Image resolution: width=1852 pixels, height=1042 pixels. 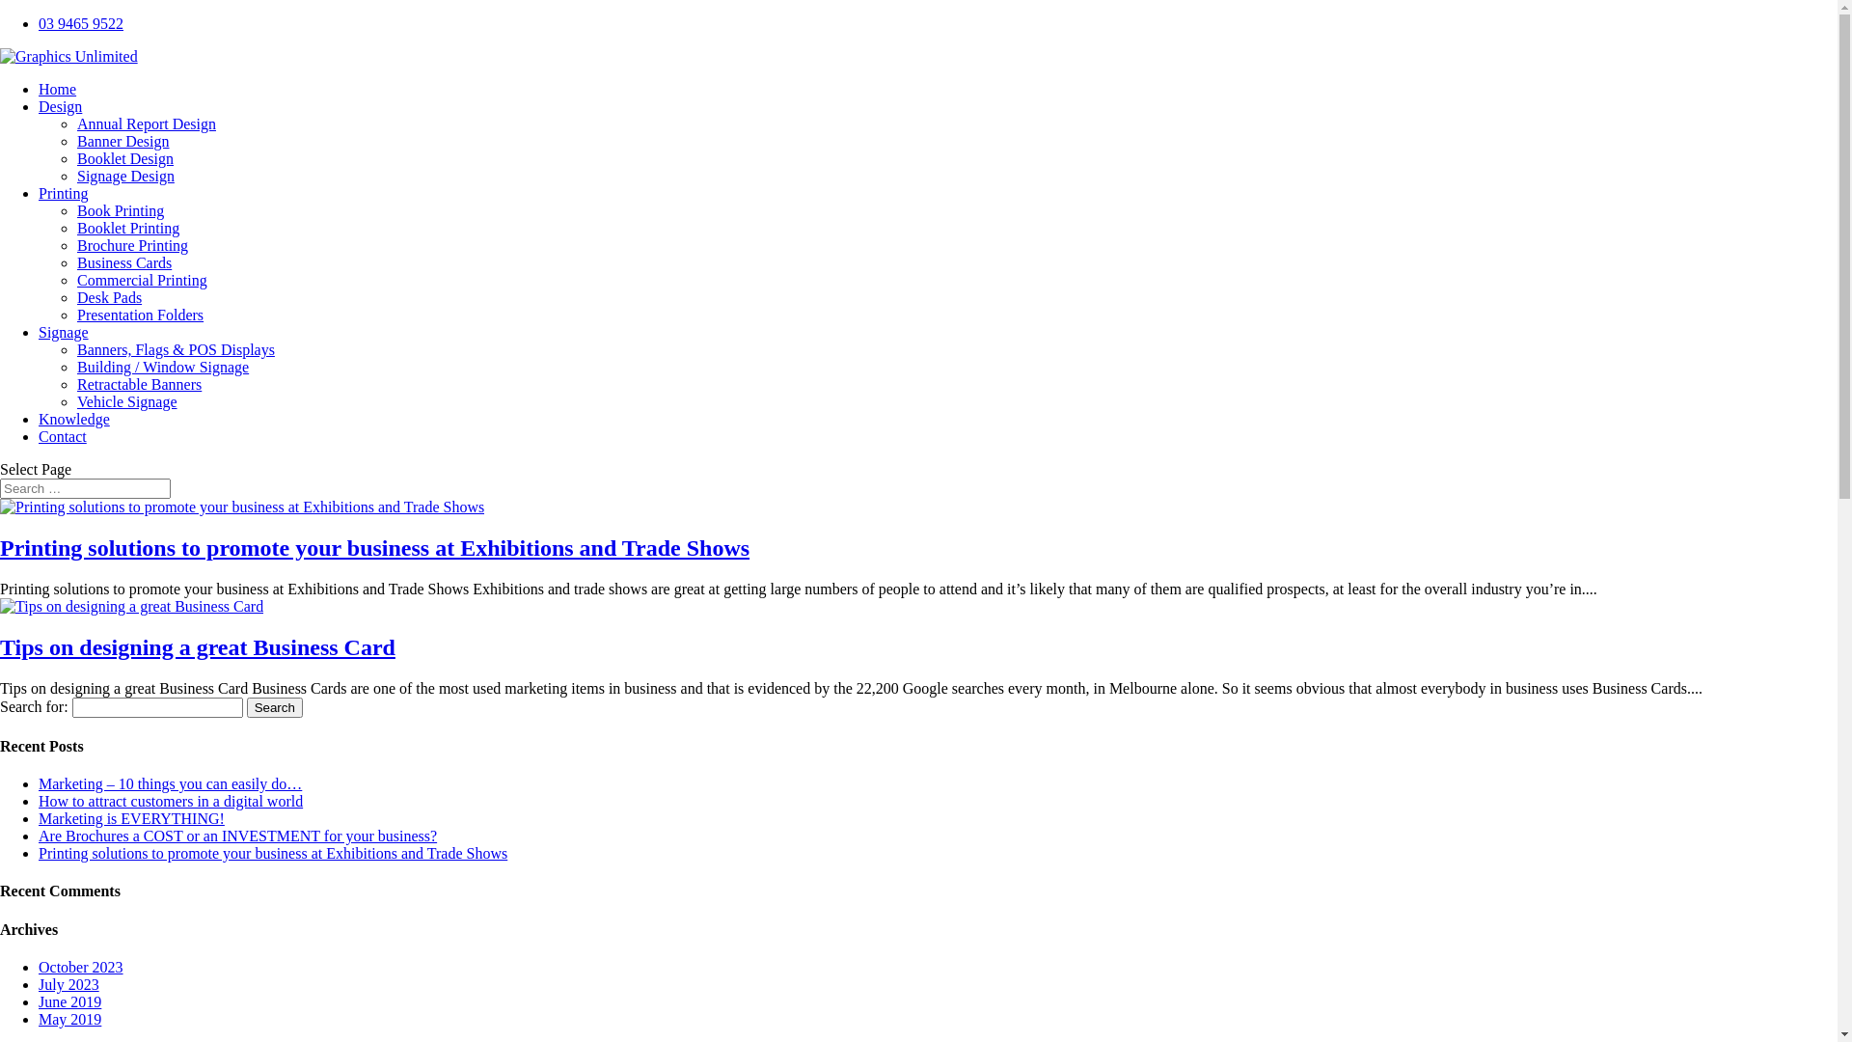 I want to click on 'Printing', so click(x=64, y=193).